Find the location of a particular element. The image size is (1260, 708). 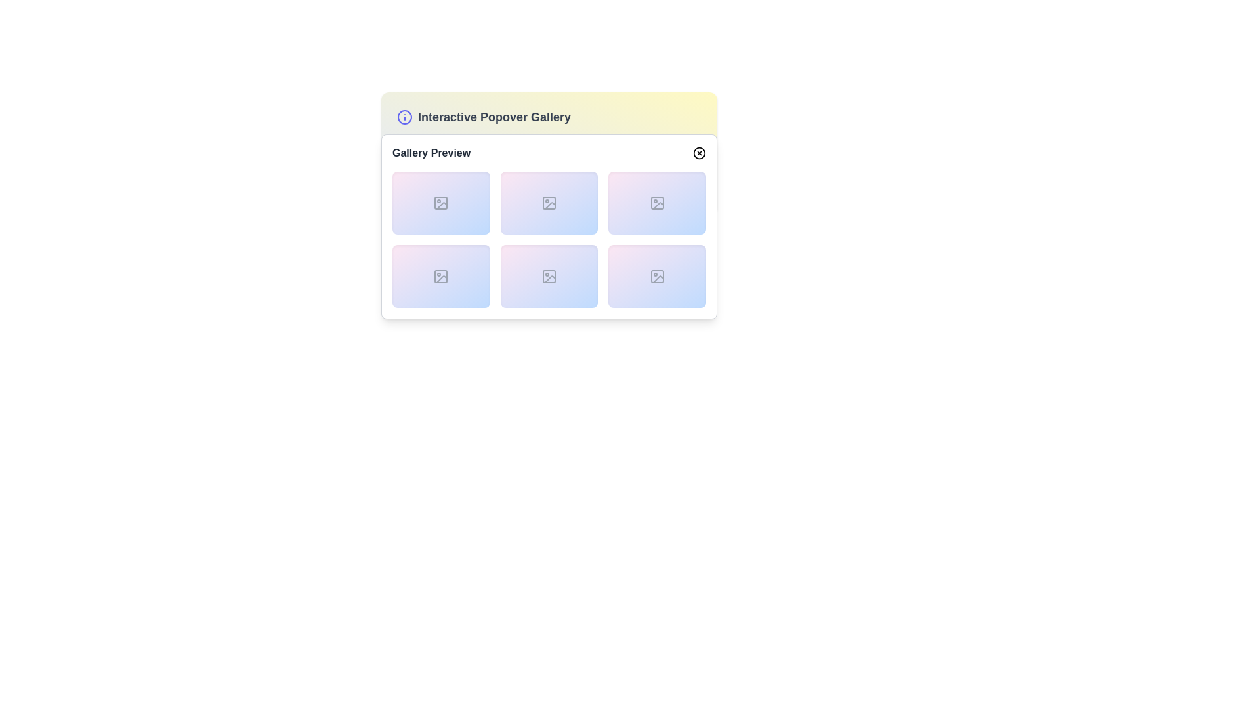

the image placeholder icon in the first row, second column of the gallery interface is located at coordinates (549, 203).